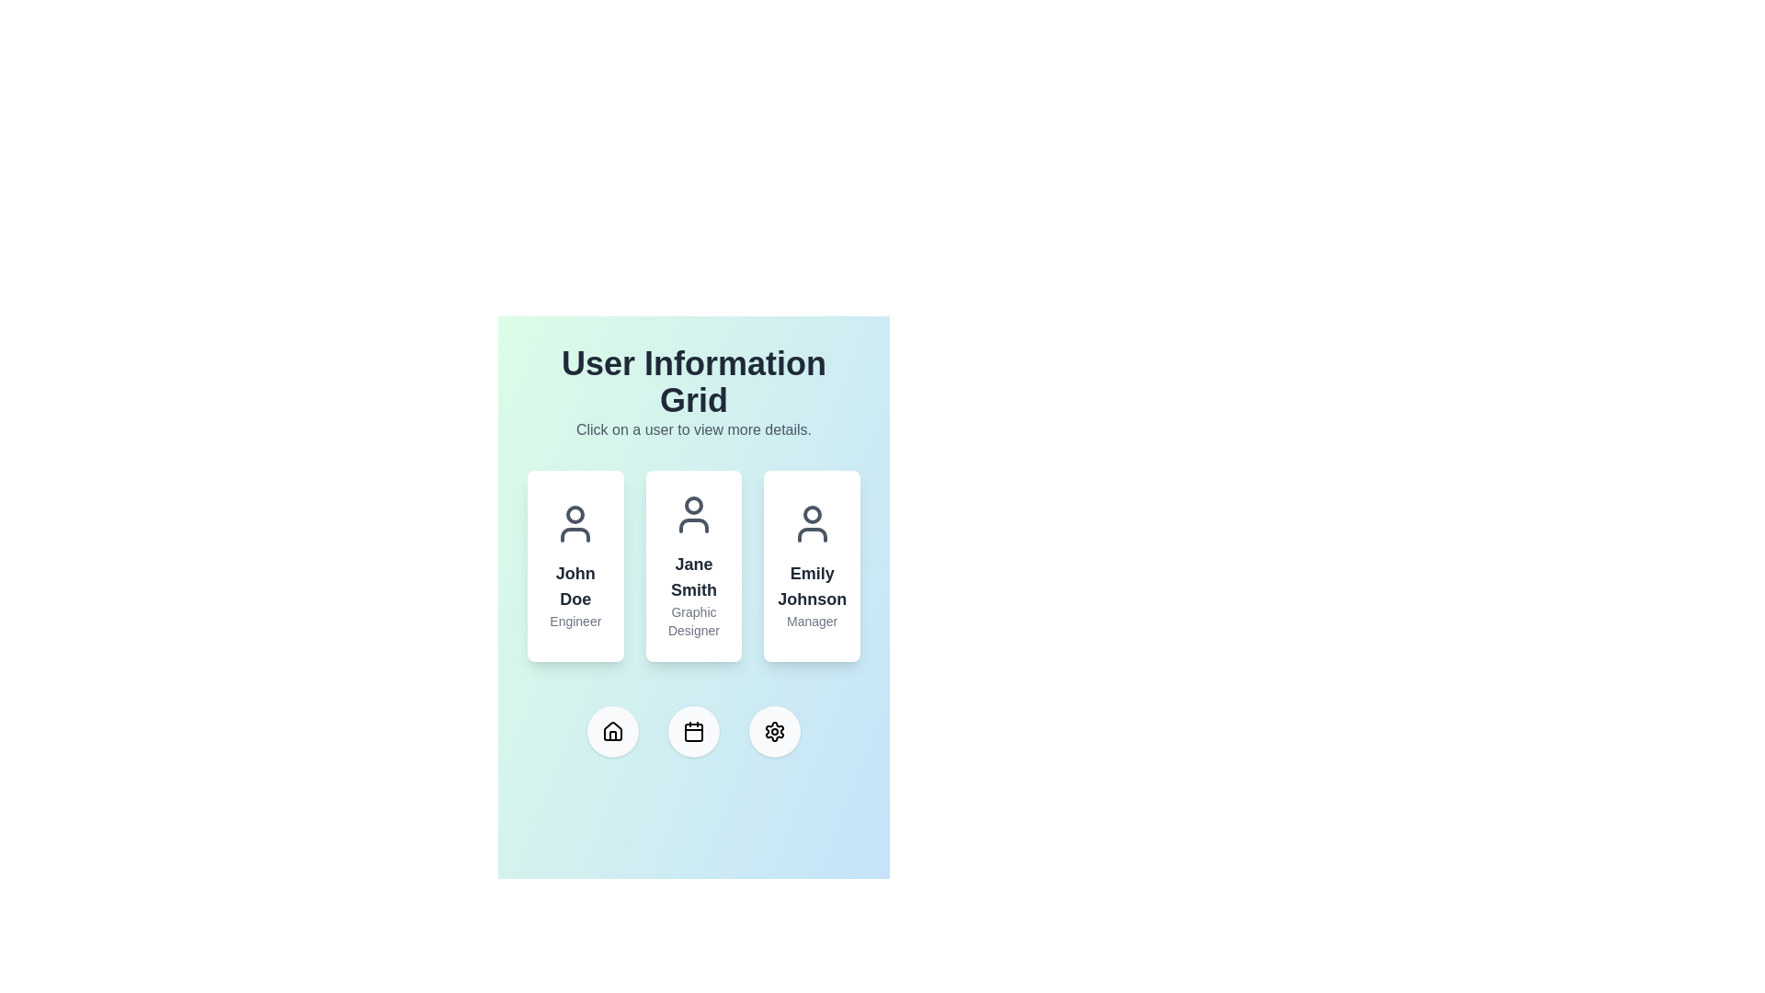  What do you see at coordinates (692, 506) in the screenshot?
I see `the SVG Circle element that is centered in the user's profile picture icon within the user card interface` at bounding box center [692, 506].